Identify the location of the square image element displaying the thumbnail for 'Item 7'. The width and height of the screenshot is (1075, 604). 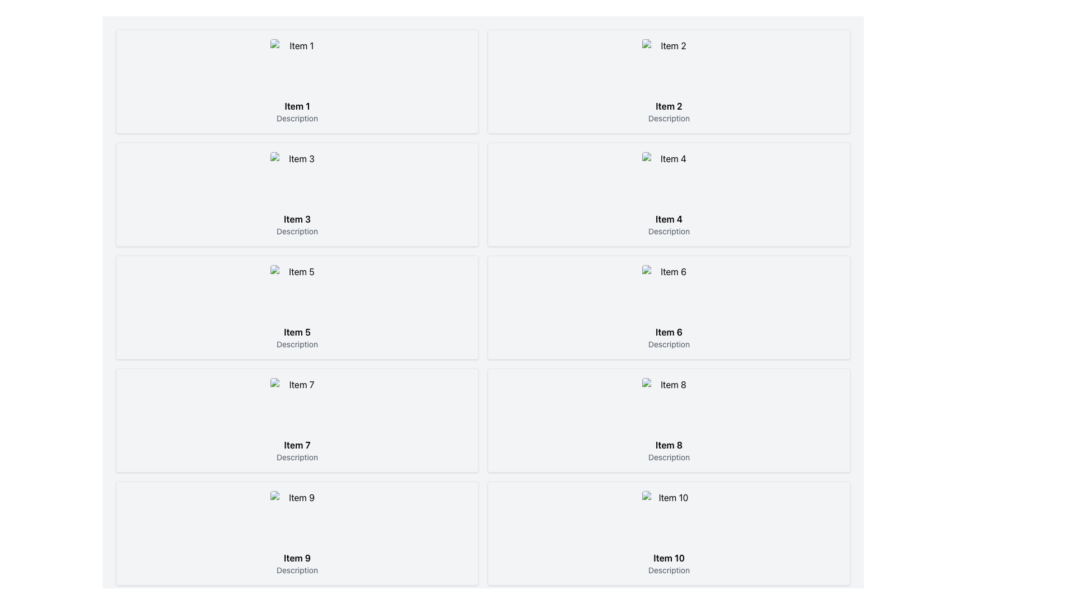
(297, 405).